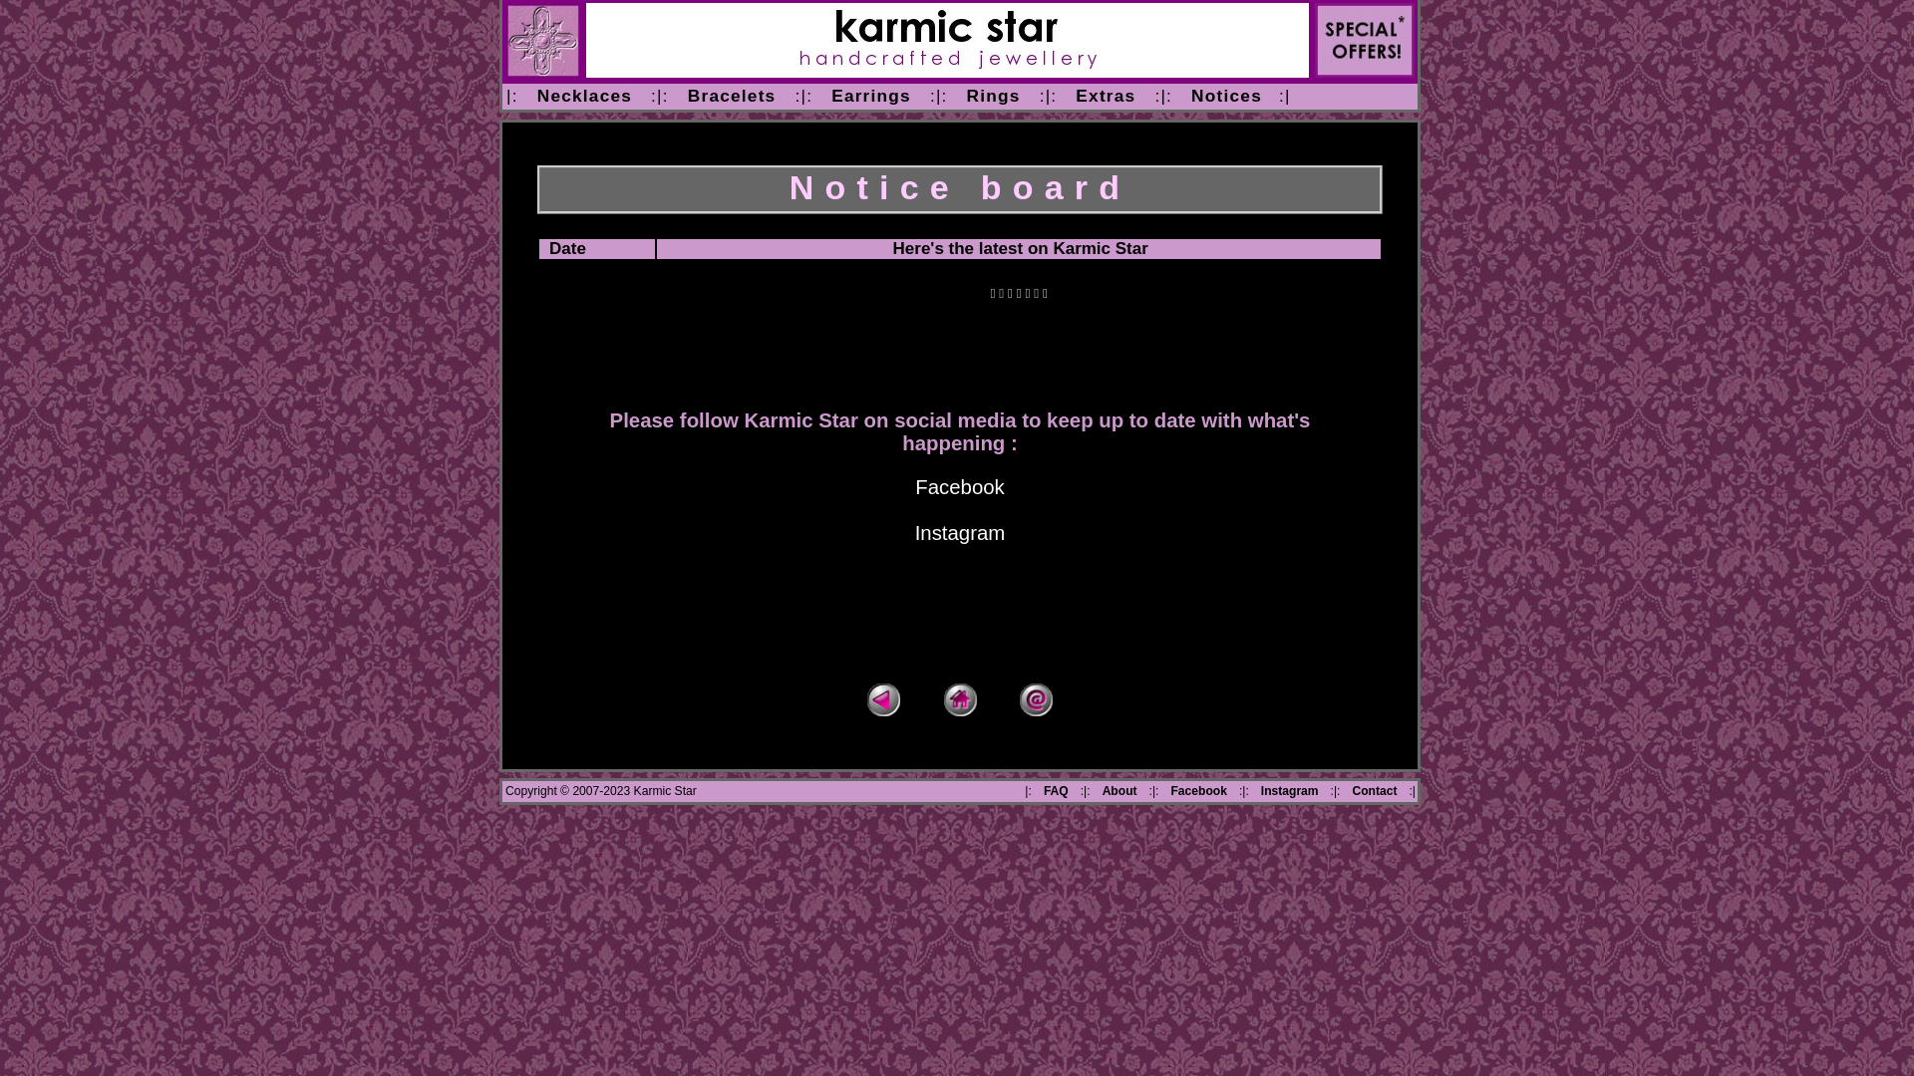 Image resolution: width=1914 pixels, height=1076 pixels. What do you see at coordinates (1055, 790) in the screenshot?
I see `'FAQ'` at bounding box center [1055, 790].